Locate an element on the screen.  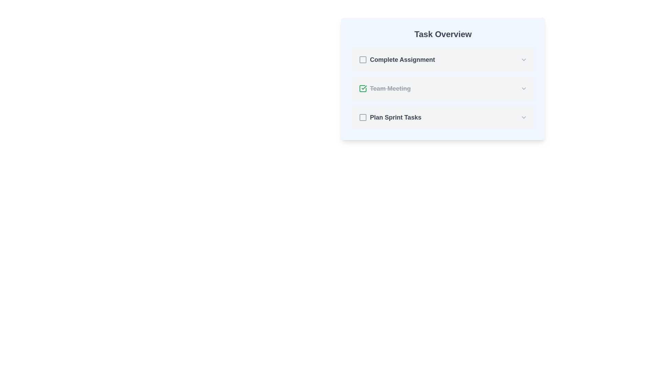
the checkbox located in the first row under the 'Task Overview' header, next to 'Complete Assignment' is located at coordinates (363, 59).